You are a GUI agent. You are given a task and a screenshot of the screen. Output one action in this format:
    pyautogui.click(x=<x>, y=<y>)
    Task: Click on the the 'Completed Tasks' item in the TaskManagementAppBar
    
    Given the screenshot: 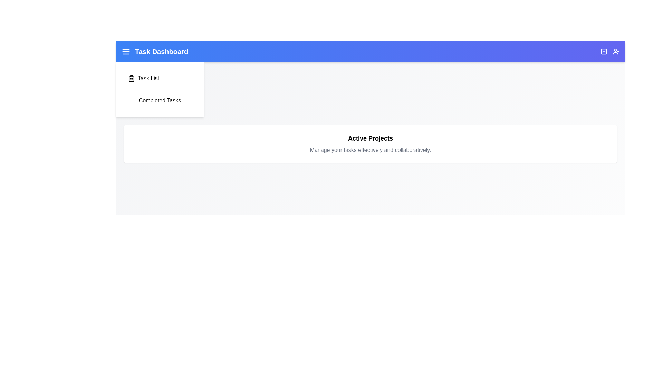 What is the action you would take?
    pyautogui.click(x=159, y=101)
    